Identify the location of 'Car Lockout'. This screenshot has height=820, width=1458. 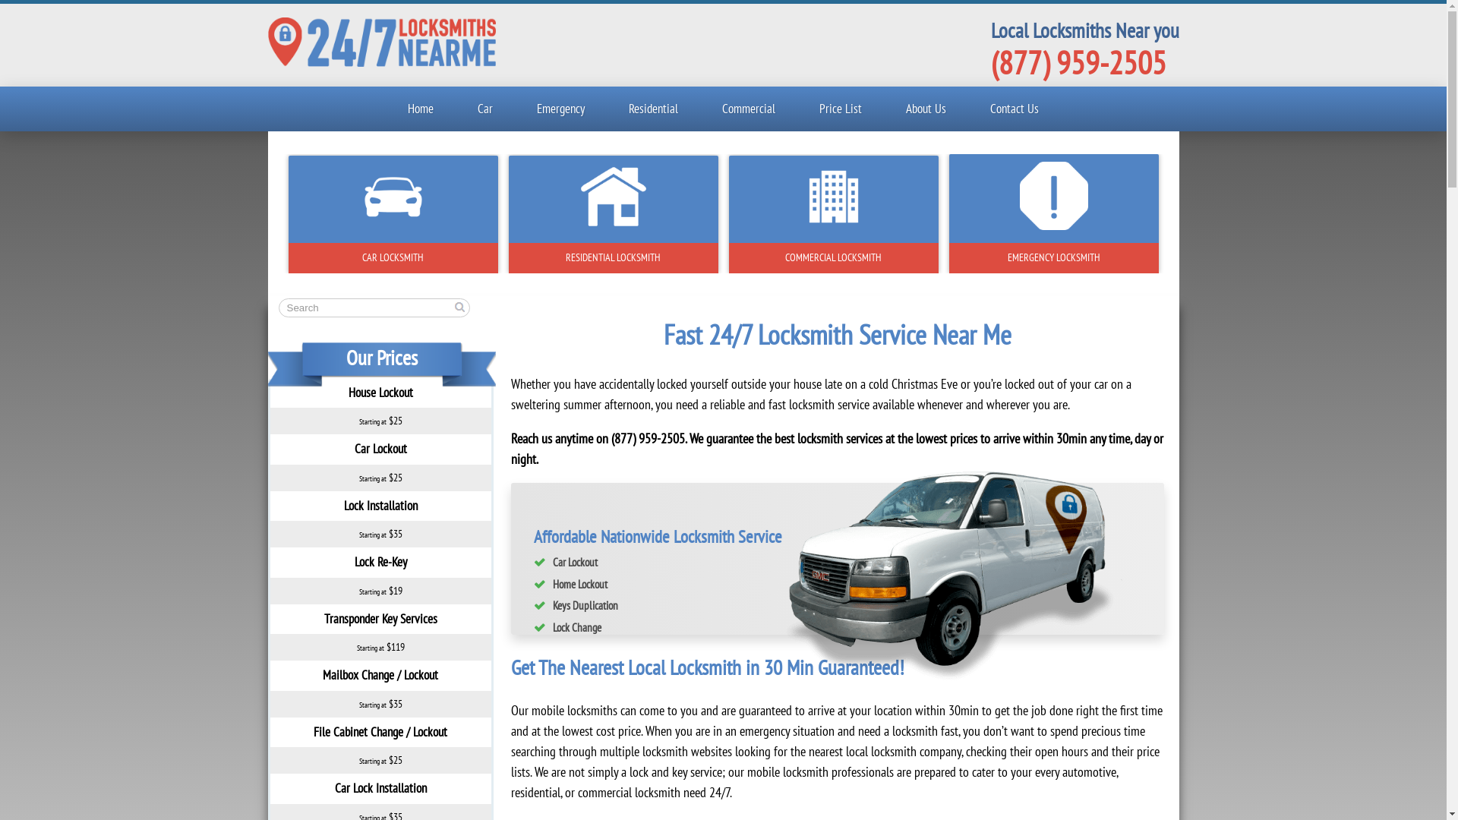
(380, 447).